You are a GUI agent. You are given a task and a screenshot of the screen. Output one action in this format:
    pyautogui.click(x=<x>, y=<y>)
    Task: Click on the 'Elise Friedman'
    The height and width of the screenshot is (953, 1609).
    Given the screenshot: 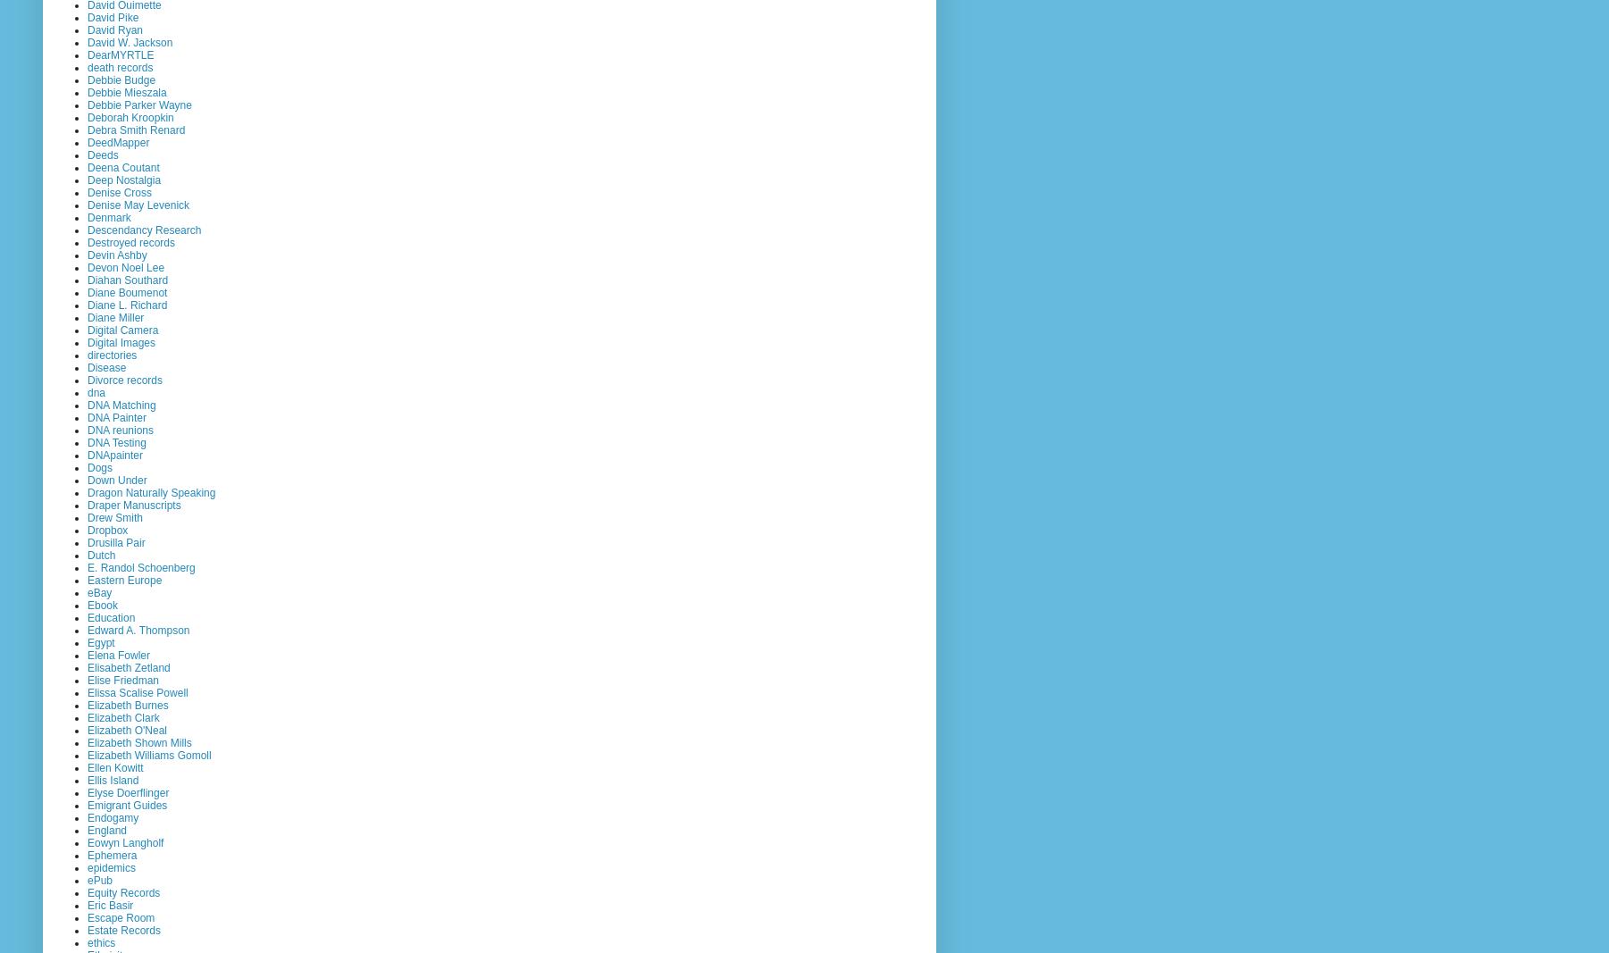 What is the action you would take?
    pyautogui.click(x=122, y=678)
    